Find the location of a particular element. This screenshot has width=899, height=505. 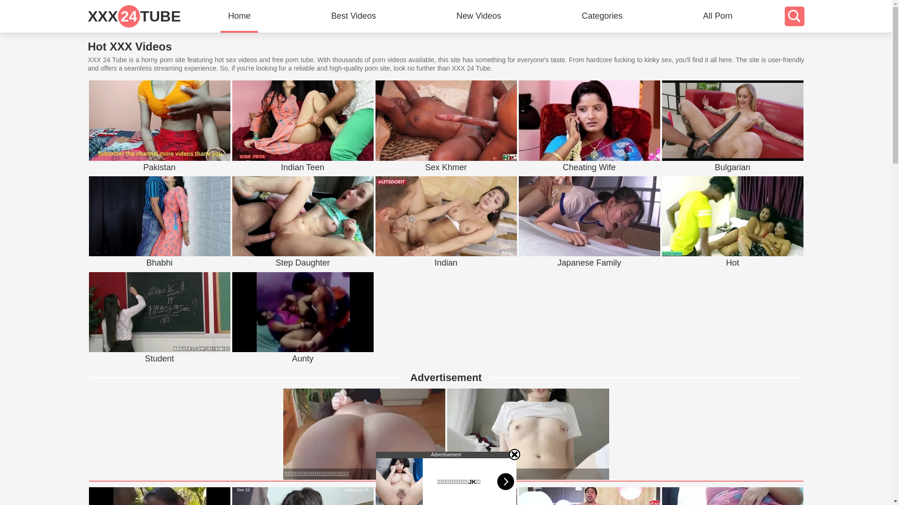

'Home' is located at coordinates (239, 16).